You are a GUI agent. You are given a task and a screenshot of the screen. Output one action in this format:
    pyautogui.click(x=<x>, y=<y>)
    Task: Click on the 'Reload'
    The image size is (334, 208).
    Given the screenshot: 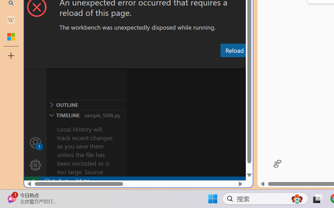 What is the action you would take?
    pyautogui.click(x=234, y=50)
    